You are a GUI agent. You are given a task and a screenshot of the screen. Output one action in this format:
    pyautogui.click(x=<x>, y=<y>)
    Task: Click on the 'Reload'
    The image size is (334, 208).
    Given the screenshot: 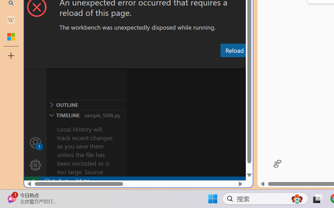 What is the action you would take?
    pyautogui.click(x=234, y=50)
    